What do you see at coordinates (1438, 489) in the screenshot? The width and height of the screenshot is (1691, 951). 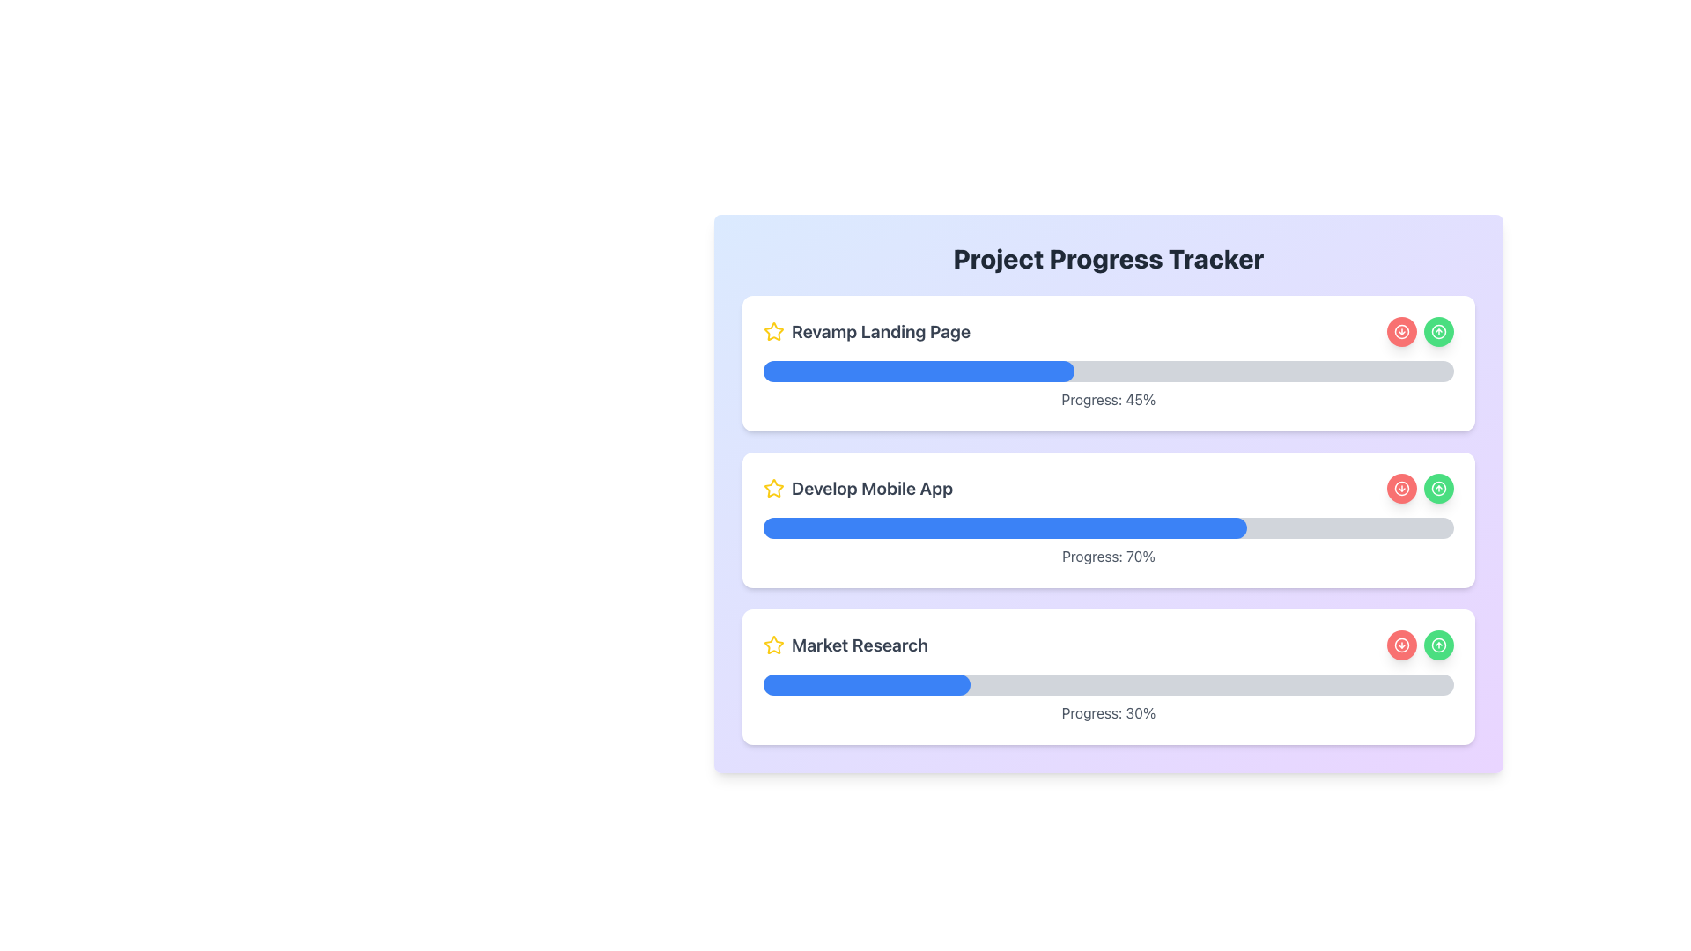 I see `the upward arrow button with a green background and white outline located at the end of the second progress card in the Project Progress Tracker interface` at bounding box center [1438, 489].